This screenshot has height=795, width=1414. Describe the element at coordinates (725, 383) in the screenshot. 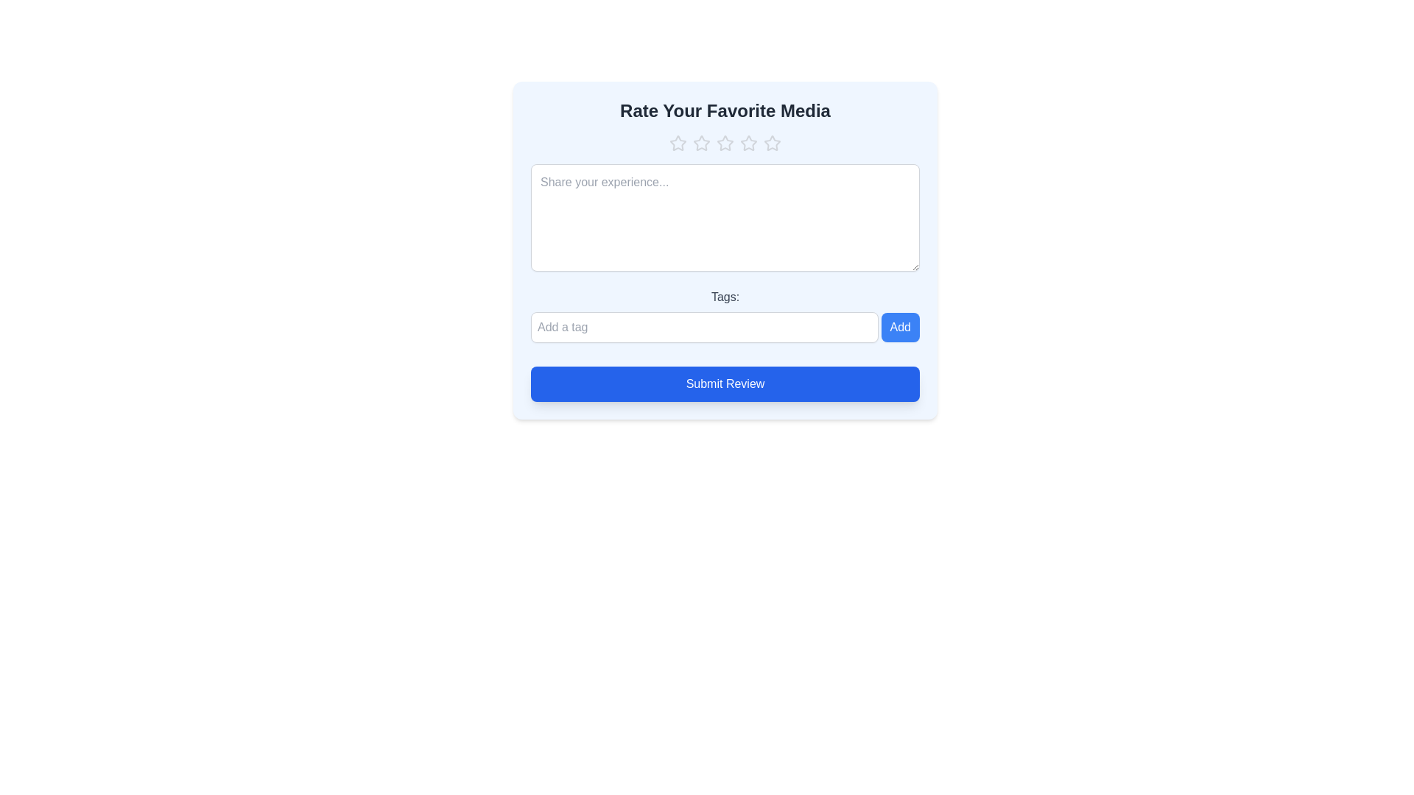

I see `the submit button located at the bottom-center of the 'Rate Your Favorite Media' form` at that location.